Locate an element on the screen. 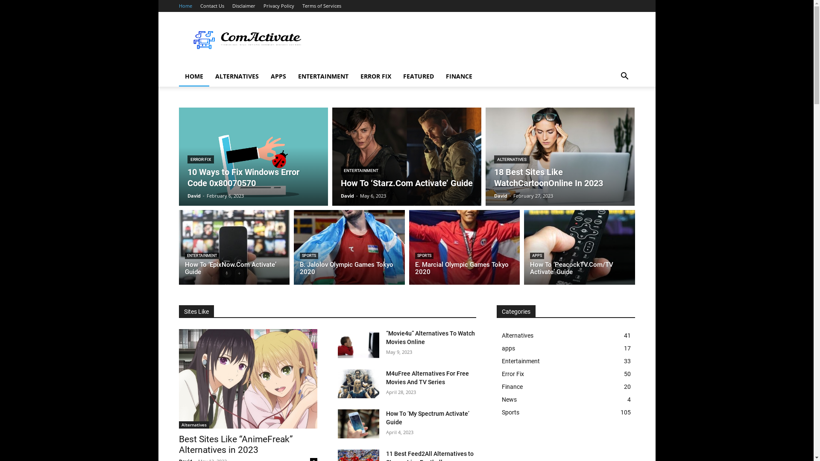  'FINANCE' is located at coordinates (459, 76).